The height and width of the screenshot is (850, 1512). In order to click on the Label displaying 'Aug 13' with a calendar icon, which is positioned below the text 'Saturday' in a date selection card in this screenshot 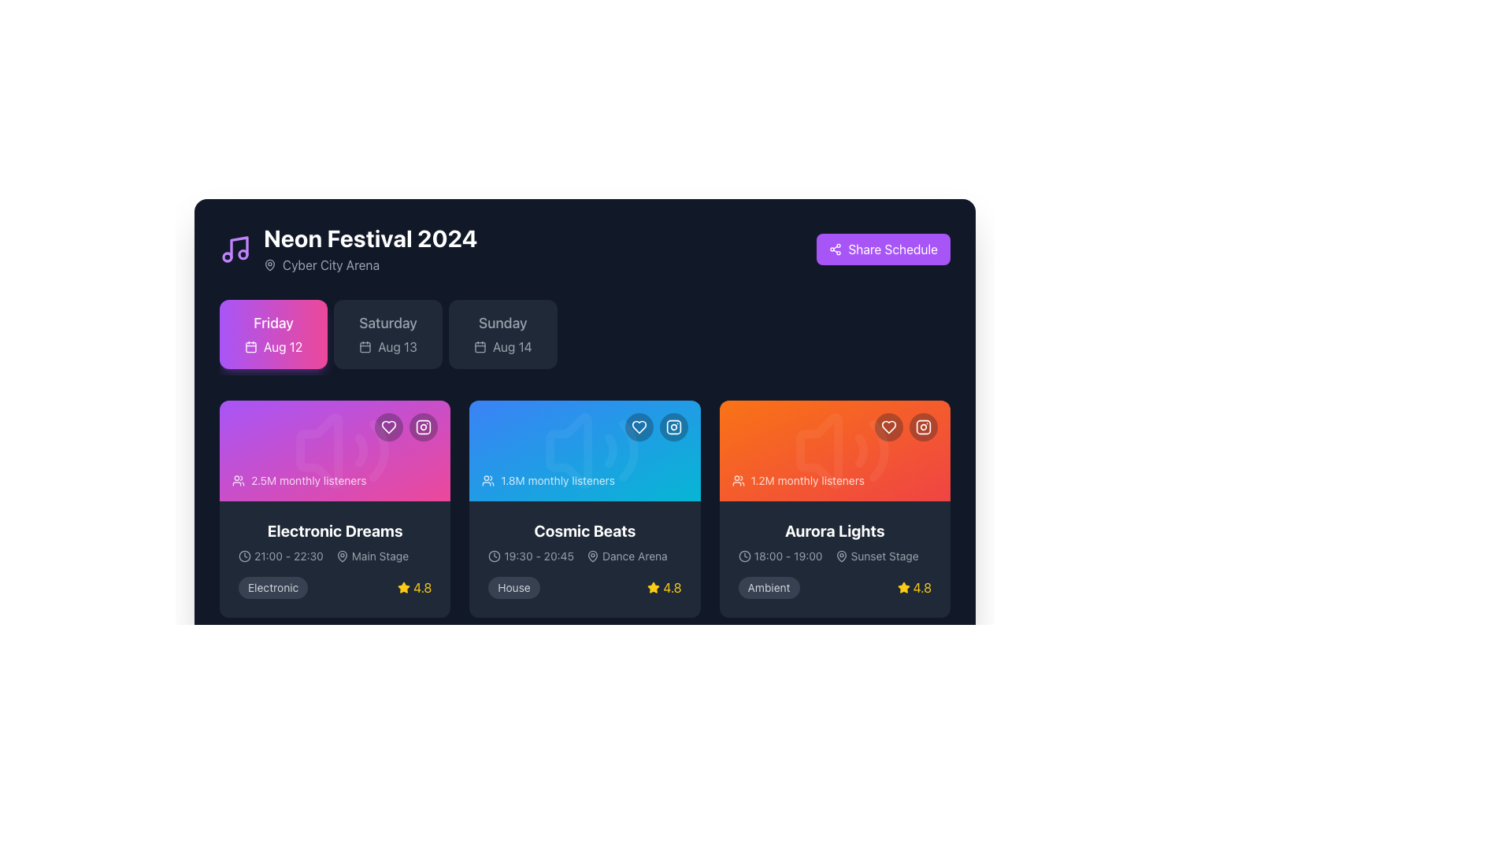, I will do `click(388, 346)`.